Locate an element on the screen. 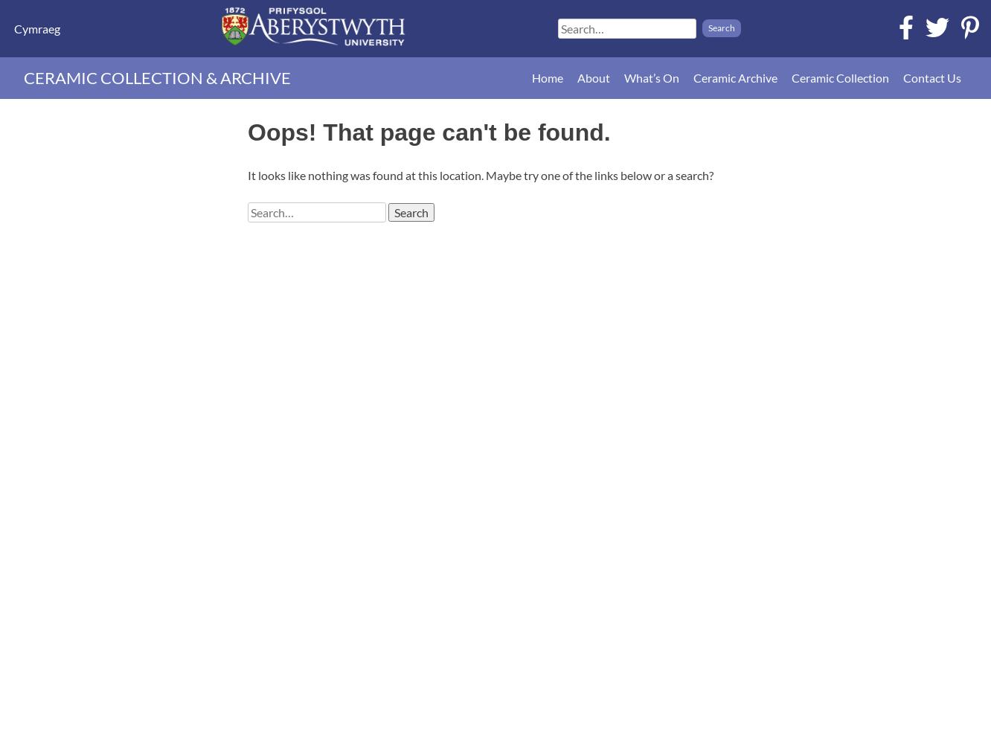 Image resolution: width=991 pixels, height=744 pixels. 'Contact Us' is located at coordinates (902, 76).